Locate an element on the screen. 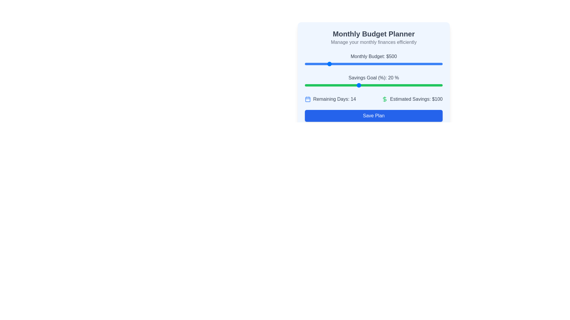 This screenshot has width=570, height=320. the horizontal range slider with a green track and a circular blue thumb, positioned below the text 'Savings Goal (%): 20 %', to set a value is located at coordinates (373, 85).